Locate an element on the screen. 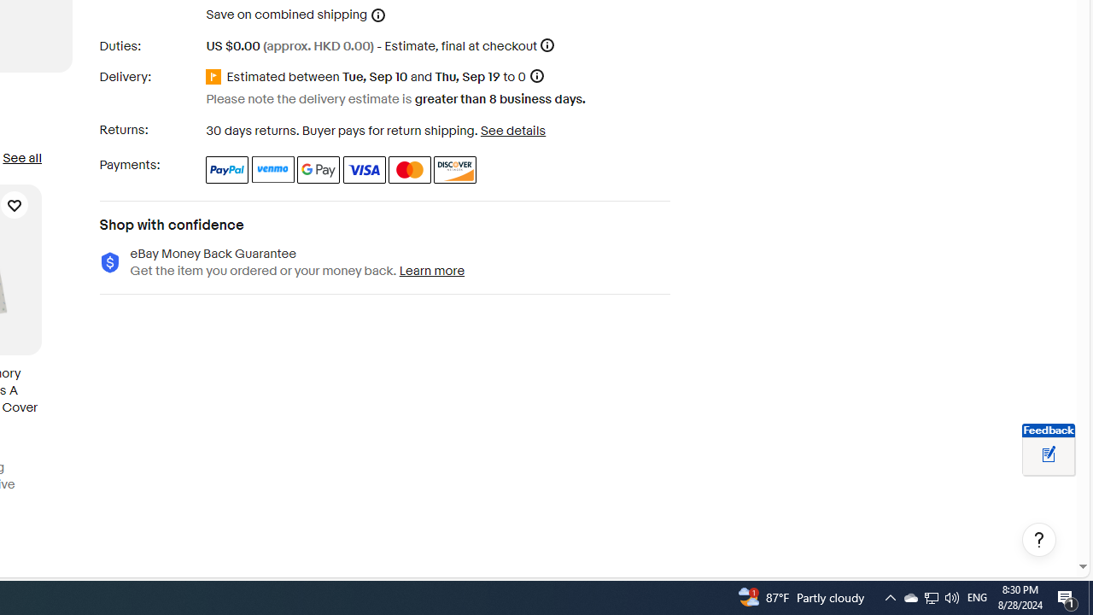  'Help, opens dialogs' is located at coordinates (1038, 540).